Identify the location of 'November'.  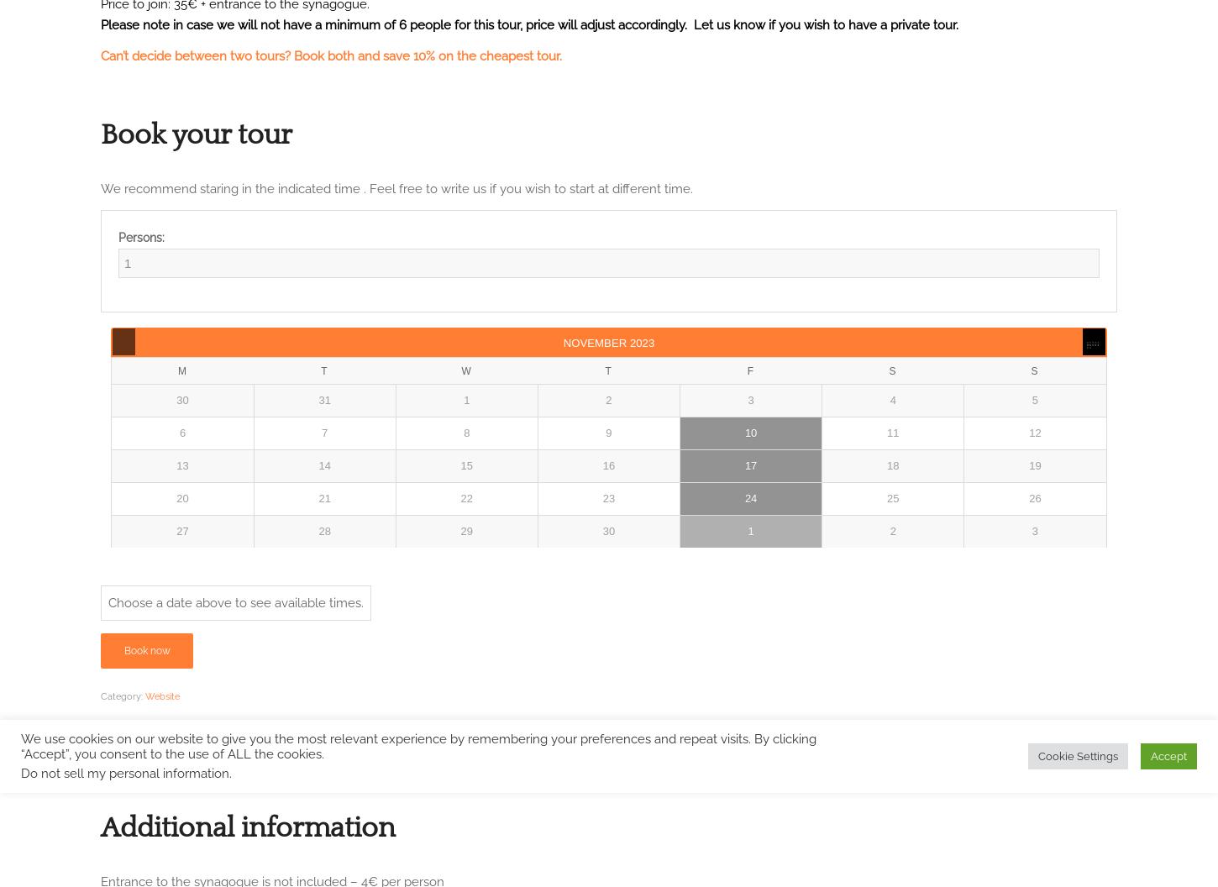
(594, 343).